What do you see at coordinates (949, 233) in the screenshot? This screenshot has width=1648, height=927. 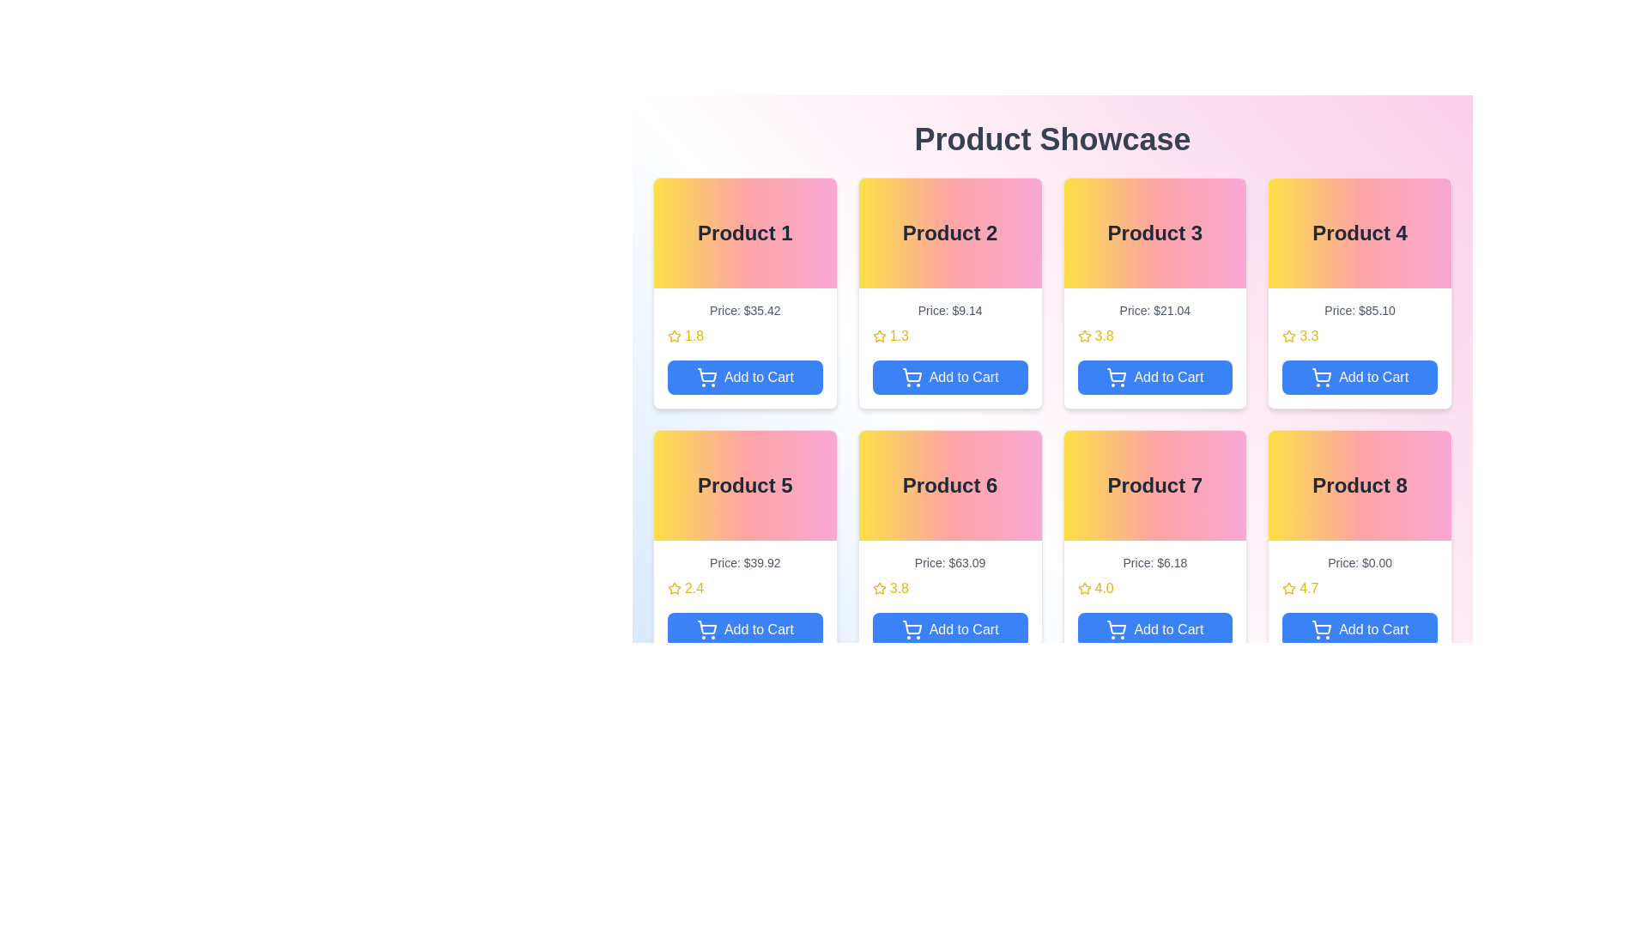 I see `title label for the product displayed in the second card of the grid layout, which is centrally placed in the gradient header and follows 'Product 1'` at bounding box center [949, 233].